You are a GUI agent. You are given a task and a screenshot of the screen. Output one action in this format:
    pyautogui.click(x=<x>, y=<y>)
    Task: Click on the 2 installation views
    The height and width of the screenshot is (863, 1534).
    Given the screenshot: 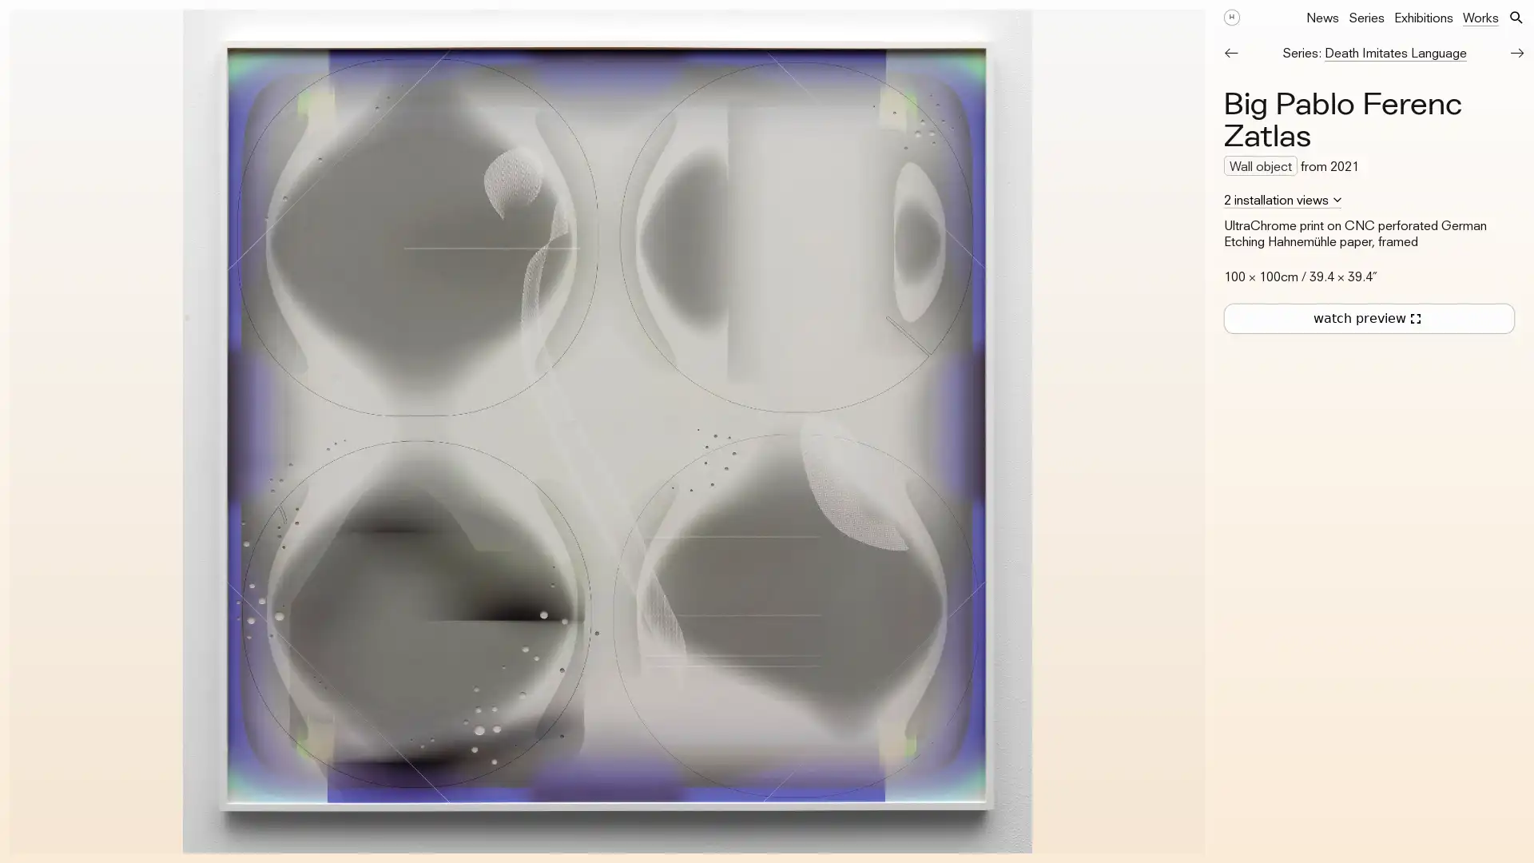 What is the action you would take?
    pyautogui.click(x=1282, y=199)
    